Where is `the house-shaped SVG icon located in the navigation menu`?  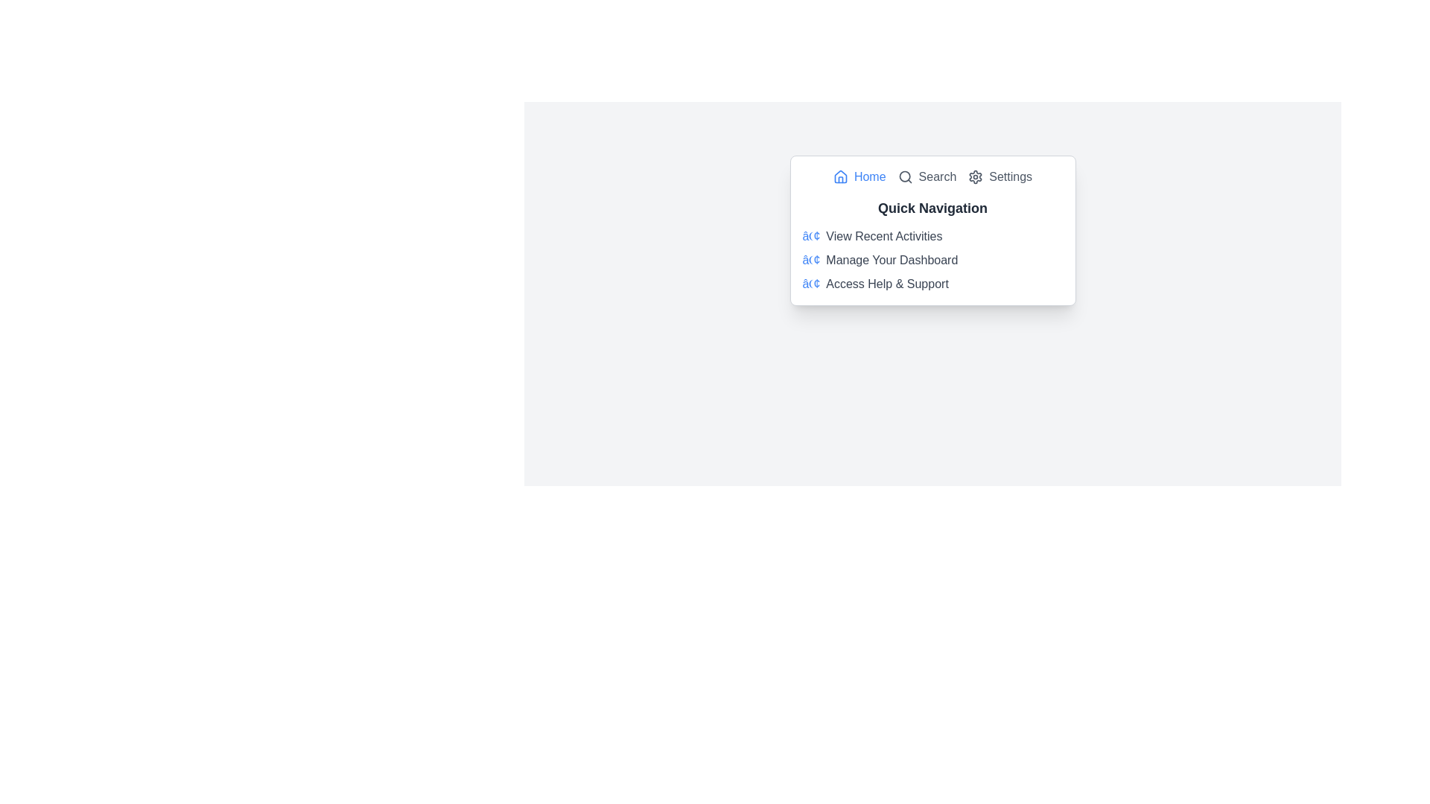
the house-shaped SVG icon located in the navigation menu is located at coordinates (840, 176).